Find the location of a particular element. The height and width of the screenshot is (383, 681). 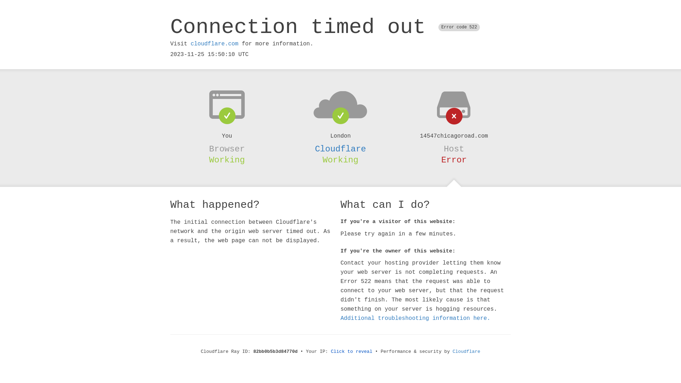

'Cloudflare' is located at coordinates (340, 149).